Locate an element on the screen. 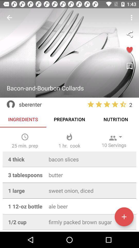 The height and width of the screenshot is (248, 139). item is located at coordinates (124, 217).